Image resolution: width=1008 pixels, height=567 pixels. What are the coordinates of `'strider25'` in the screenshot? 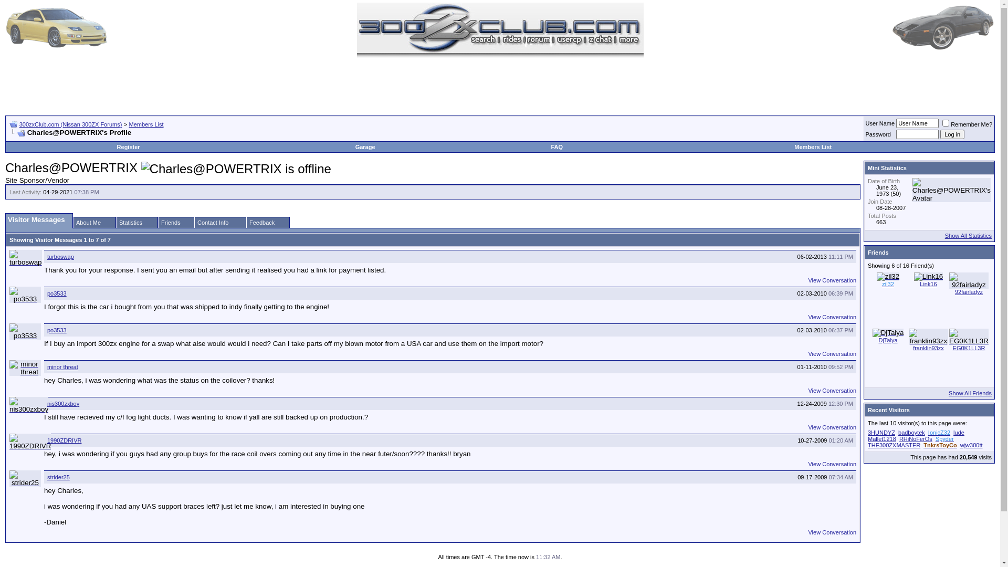 It's located at (47, 477).